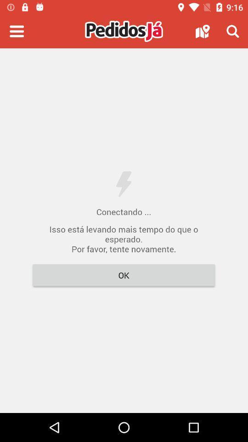 The height and width of the screenshot is (442, 248). What do you see at coordinates (17, 31) in the screenshot?
I see `open app 's menu` at bounding box center [17, 31].